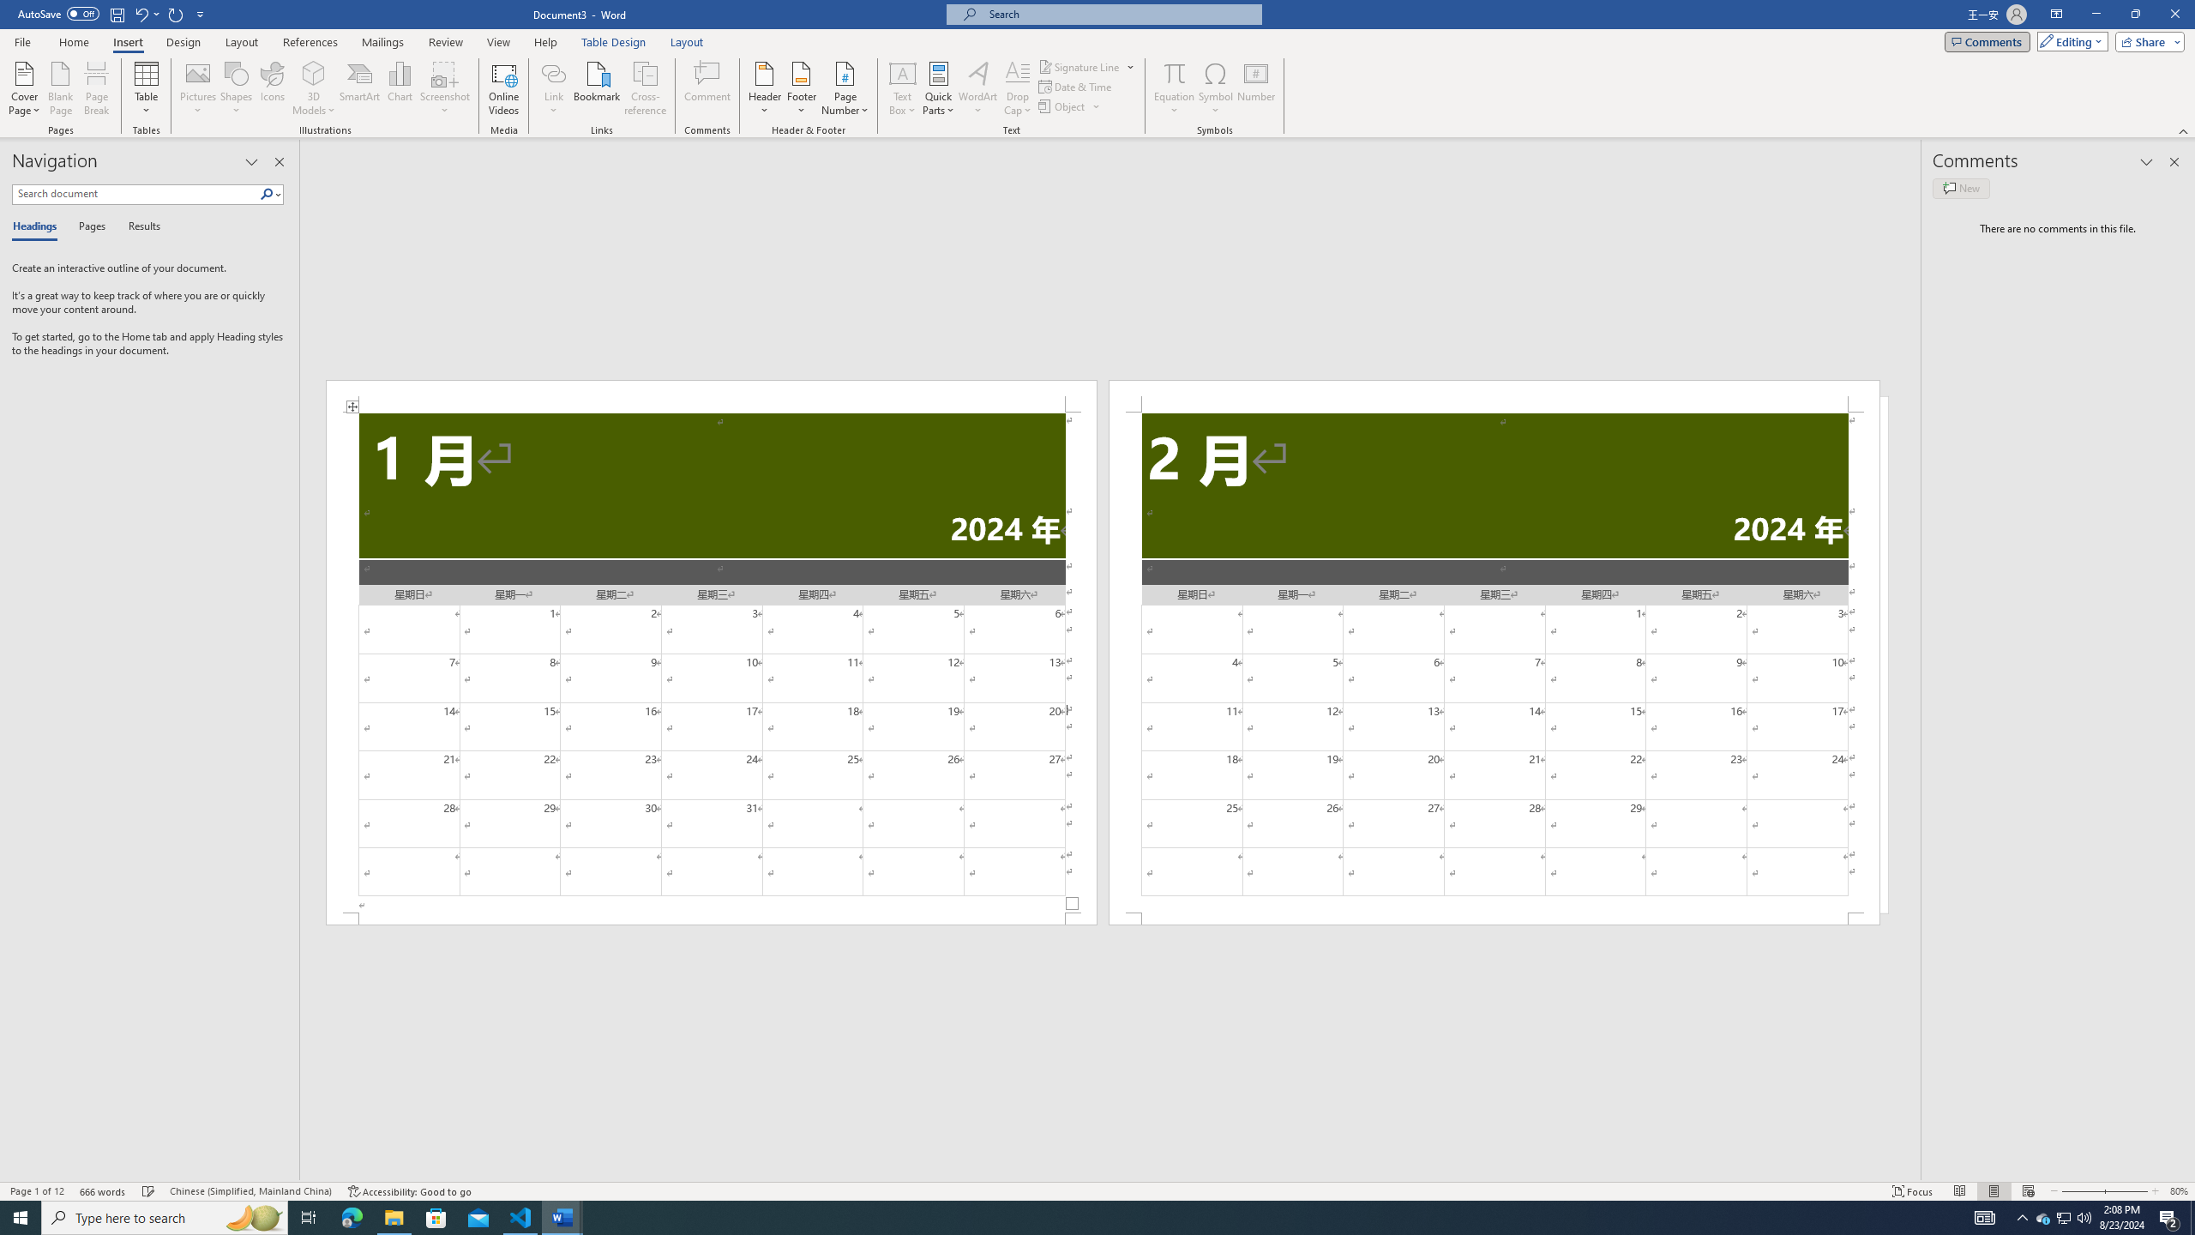 The image size is (2195, 1235). What do you see at coordinates (249, 1191) in the screenshot?
I see `'Language Chinese (Simplified, Mainland China)'` at bounding box center [249, 1191].